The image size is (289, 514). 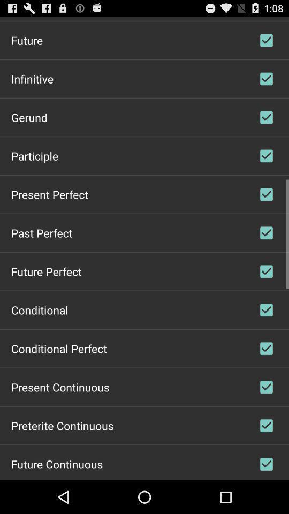 I want to click on app below future icon, so click(x=32, y=78).